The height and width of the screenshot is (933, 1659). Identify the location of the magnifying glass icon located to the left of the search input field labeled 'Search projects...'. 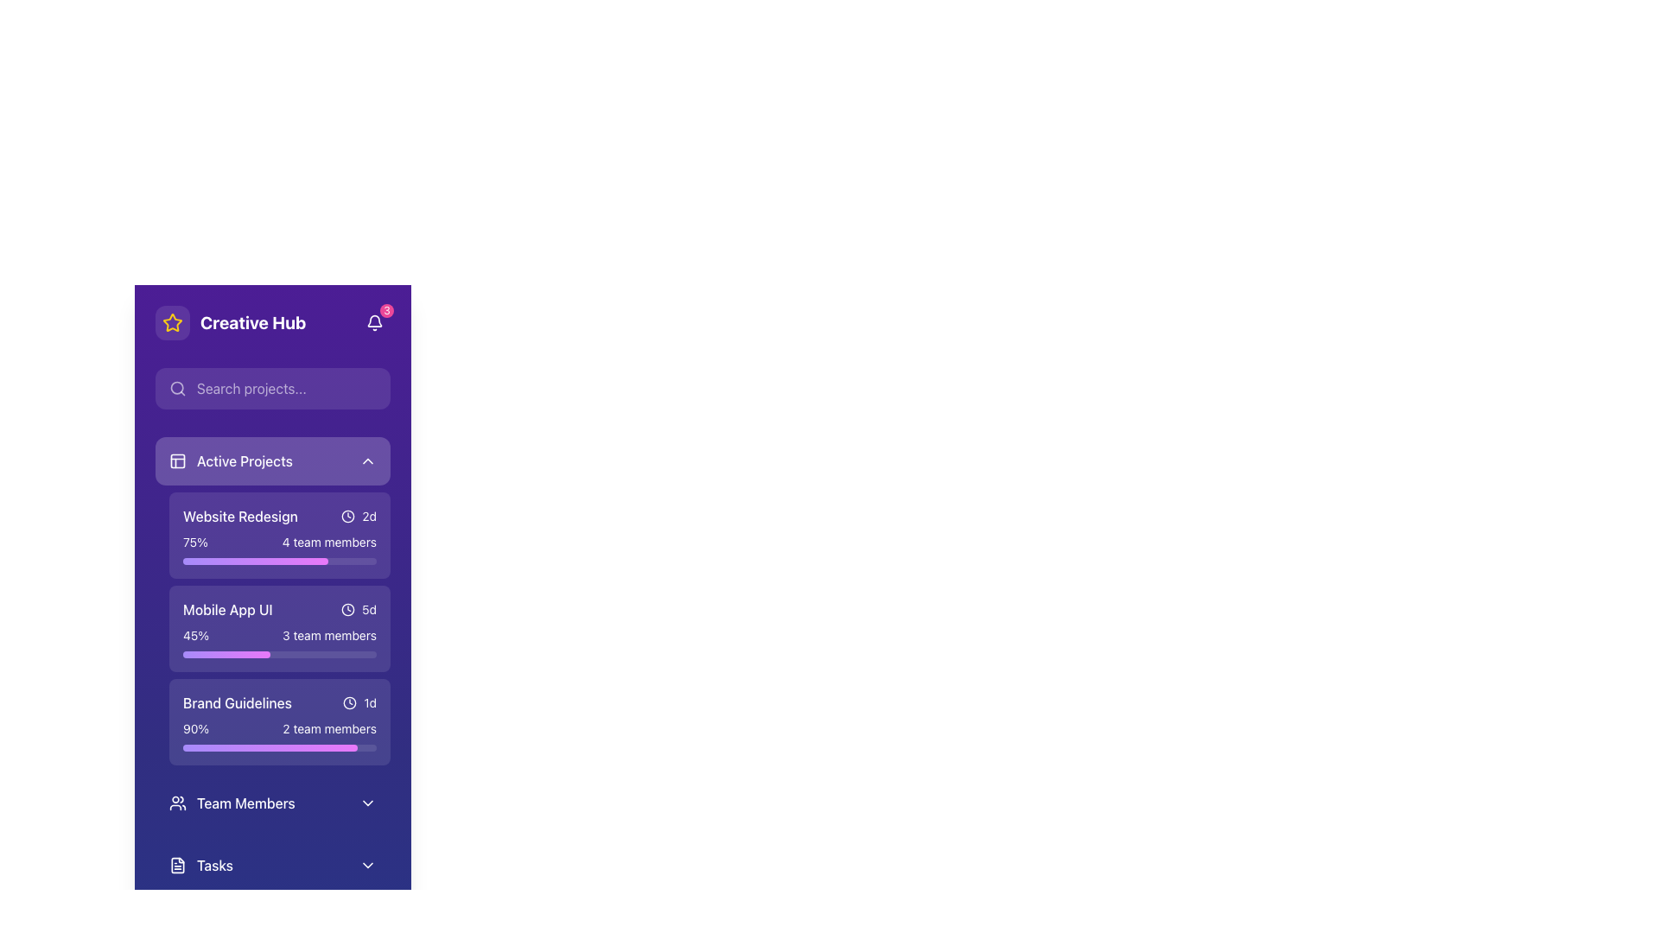
(178, 389).